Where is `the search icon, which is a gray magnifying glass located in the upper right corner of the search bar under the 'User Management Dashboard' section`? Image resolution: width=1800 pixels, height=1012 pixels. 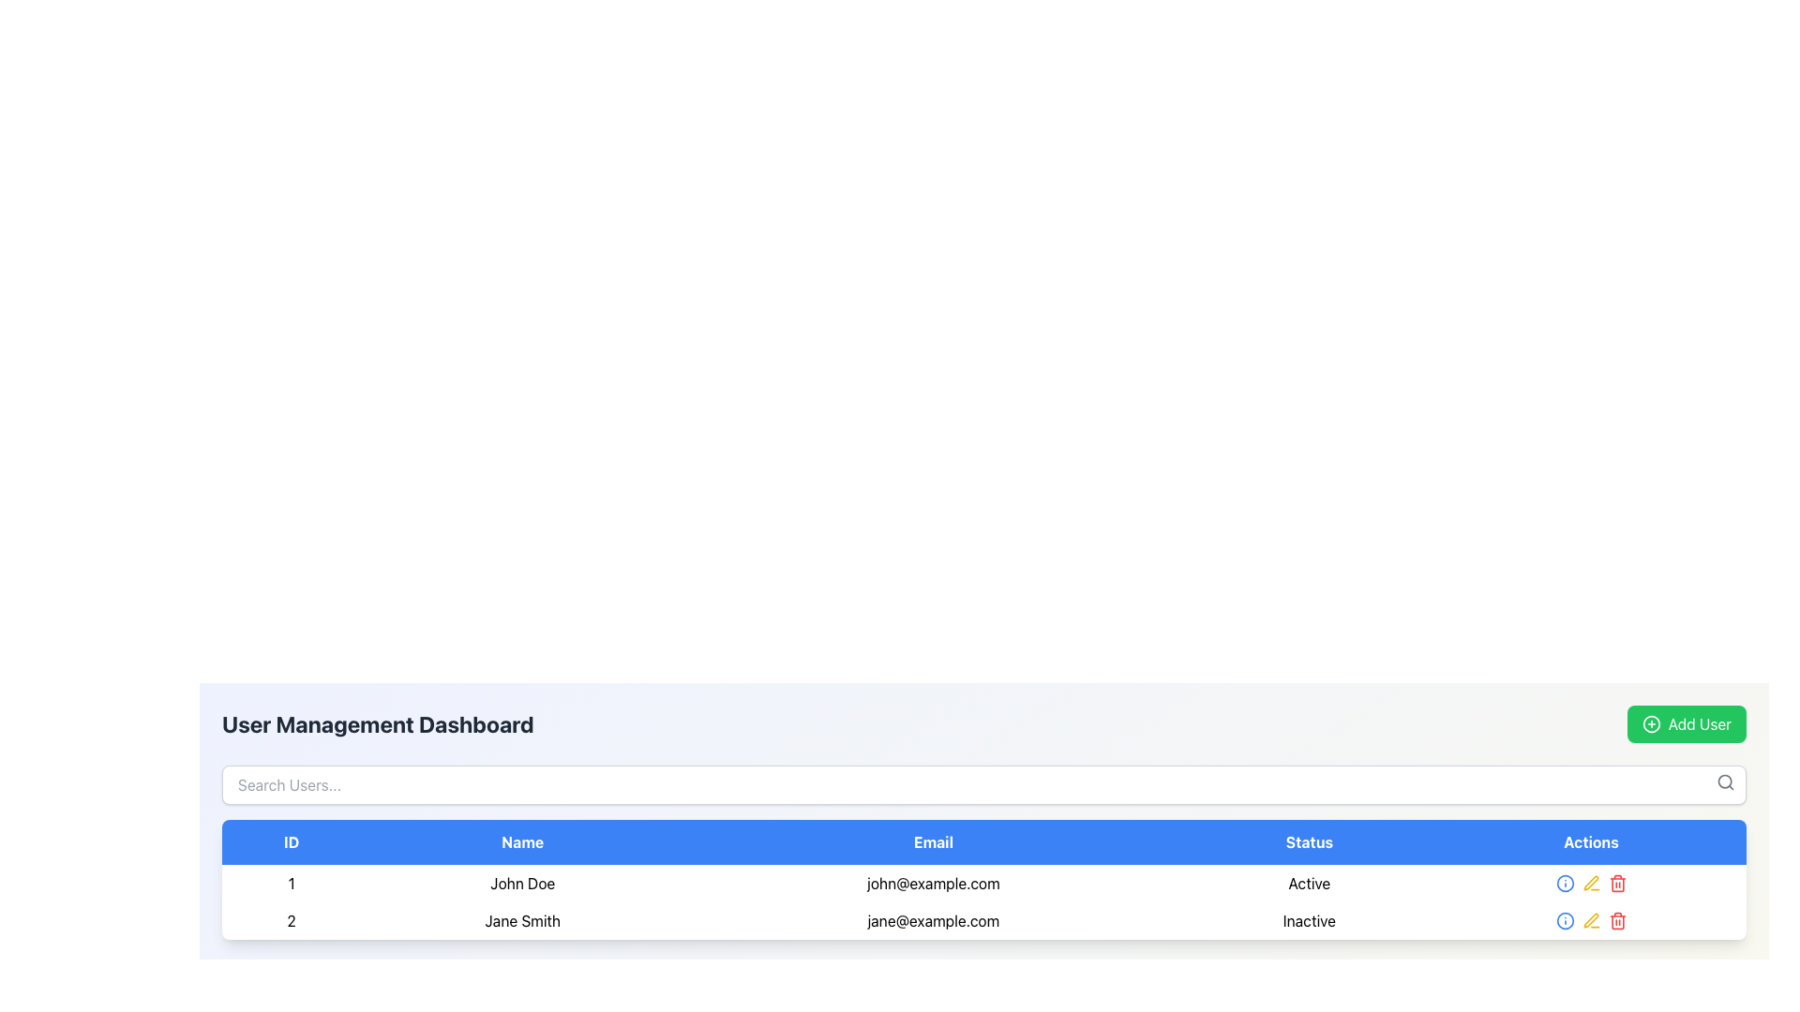
the search icon, which is a gray magnifying glass located in the upper right corner of the search bar under the 'User Management Dashboard' section is located at coordinates (1725, 781).